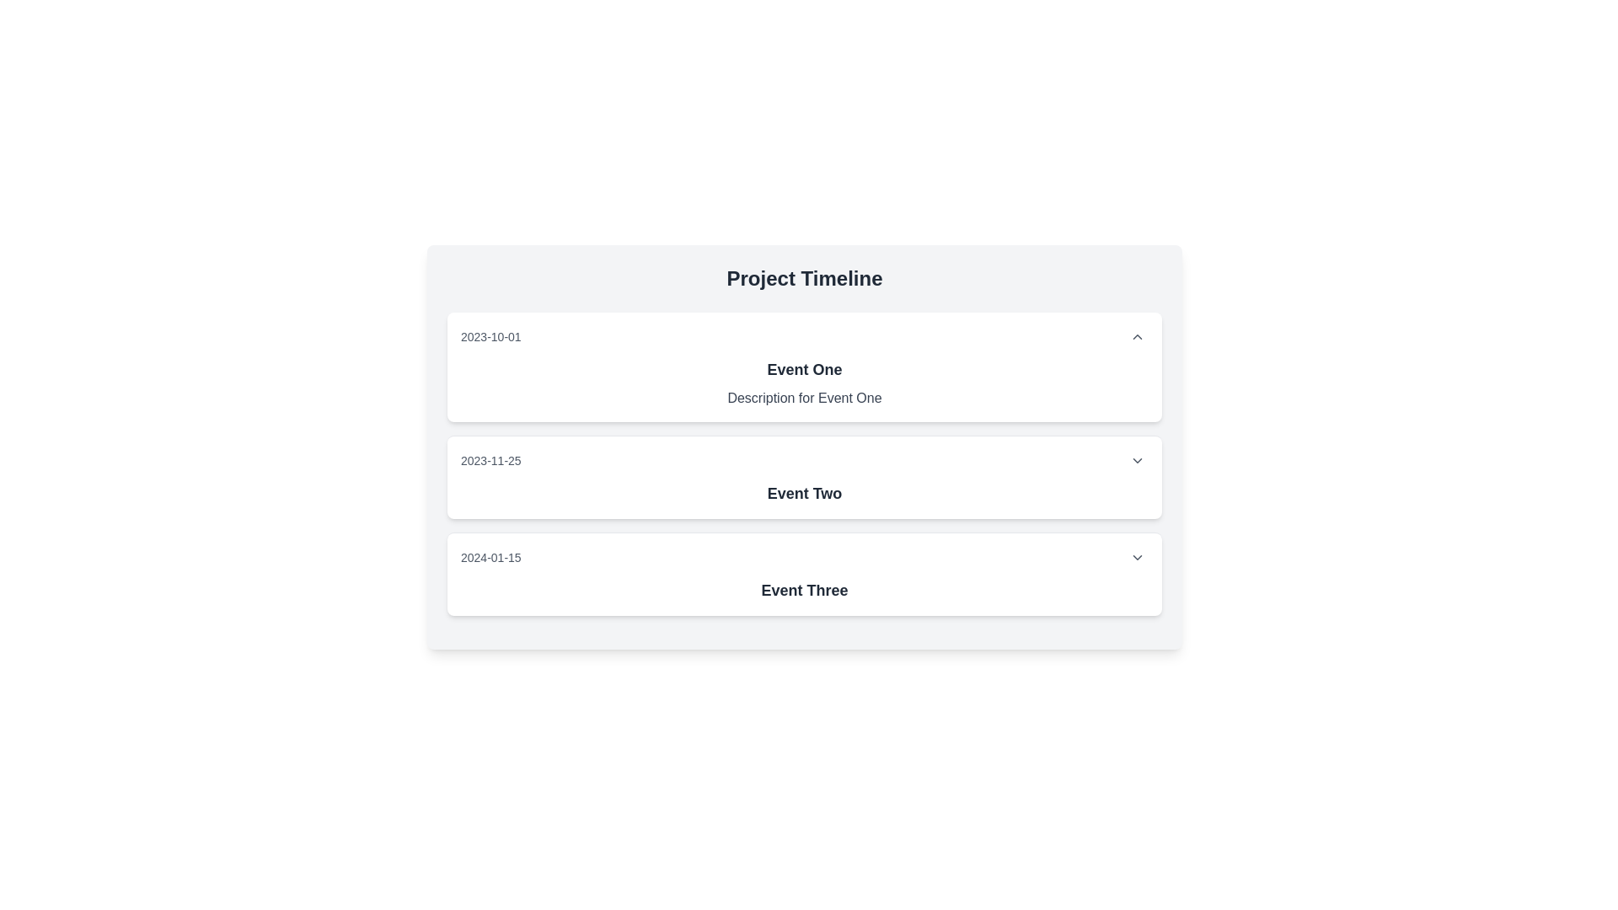 The width and height of the screenshot is (1618, 910). What do you see at coordinates (1137, 558) in the screenshot?
I see `the button located on the rightmost side of the third row in the timeline list, beside the '2024-01-15' label` at bounding box center [1137, 558].